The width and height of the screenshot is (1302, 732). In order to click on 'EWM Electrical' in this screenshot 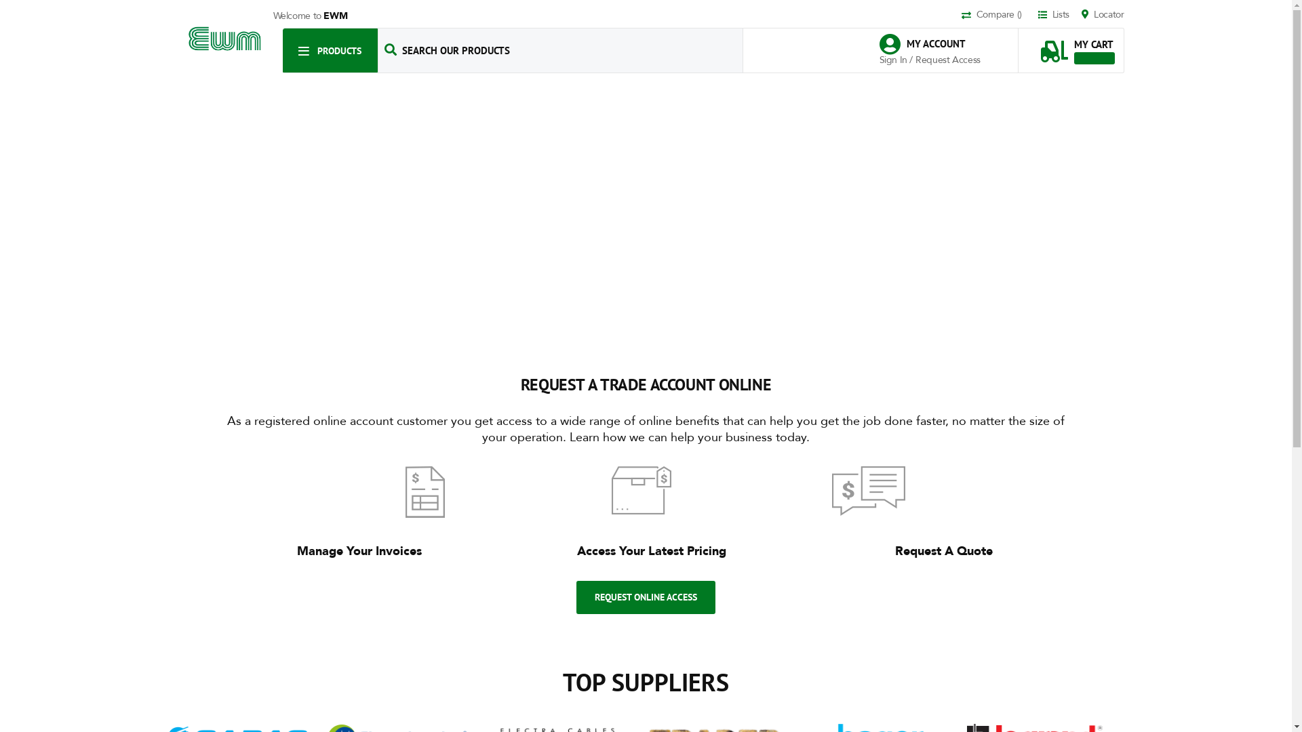, I will do `click(225, 38)`.